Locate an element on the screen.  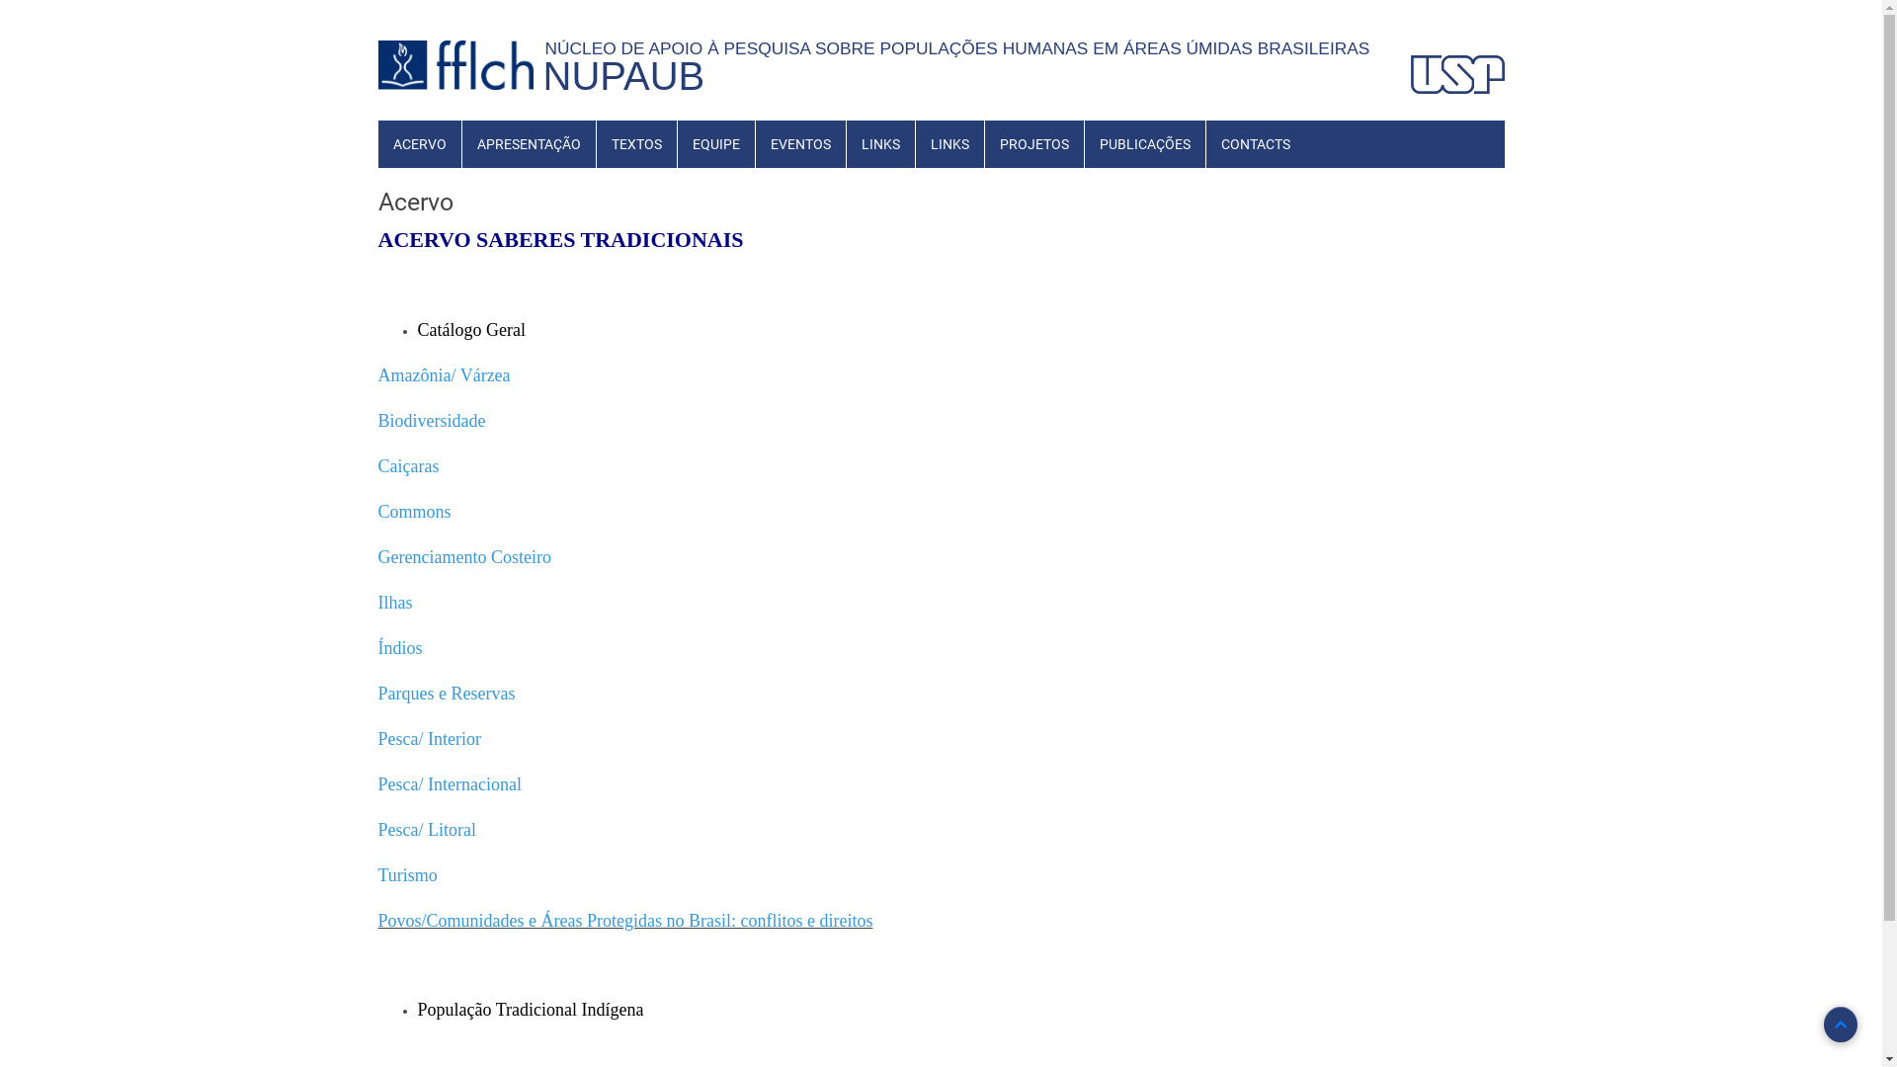
'Pesca/ Litoral' is located at coordinates (425, 831).